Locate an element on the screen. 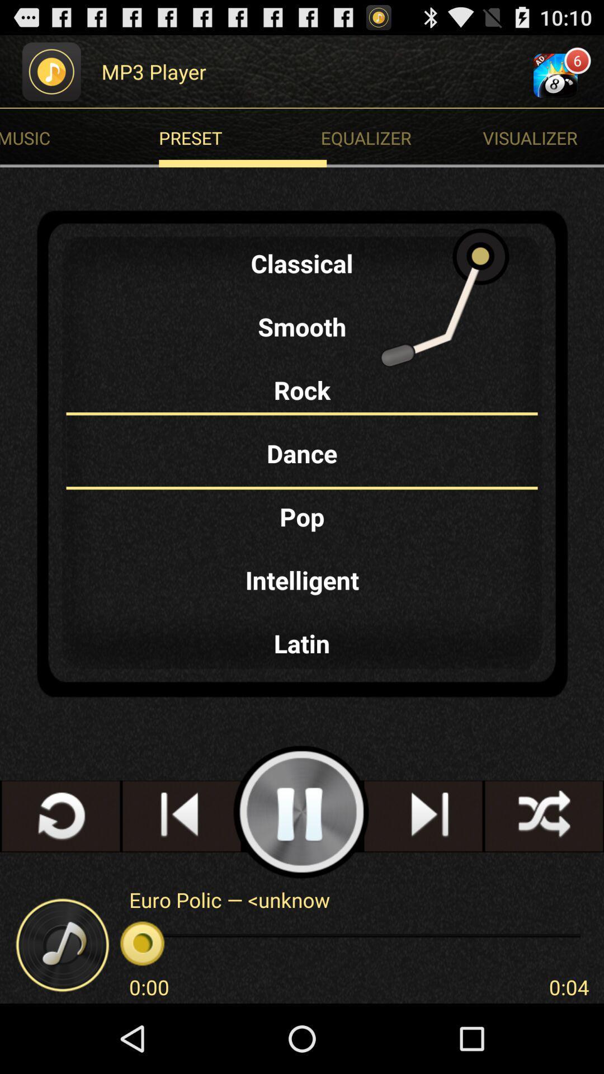 The width and height of the screenshot is (604, 1074). item below mp3 player app is located at coordinates (242, 137).